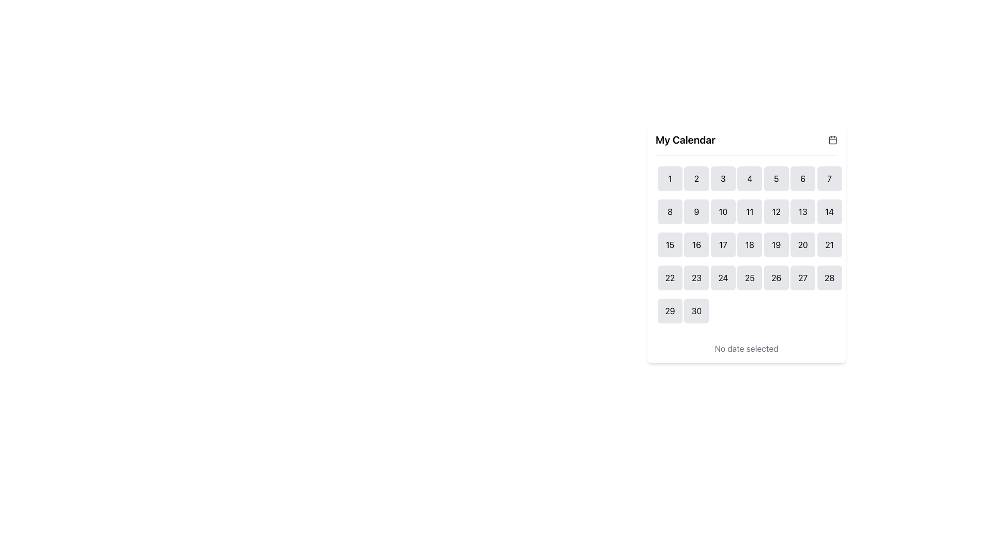 This screenshot has width=992, height=558. What do you see at coordinates (722, 277) in the screenshot?
I see `the calendar button representing the 24th day by navigating to it` at bounding box center [722, 277].